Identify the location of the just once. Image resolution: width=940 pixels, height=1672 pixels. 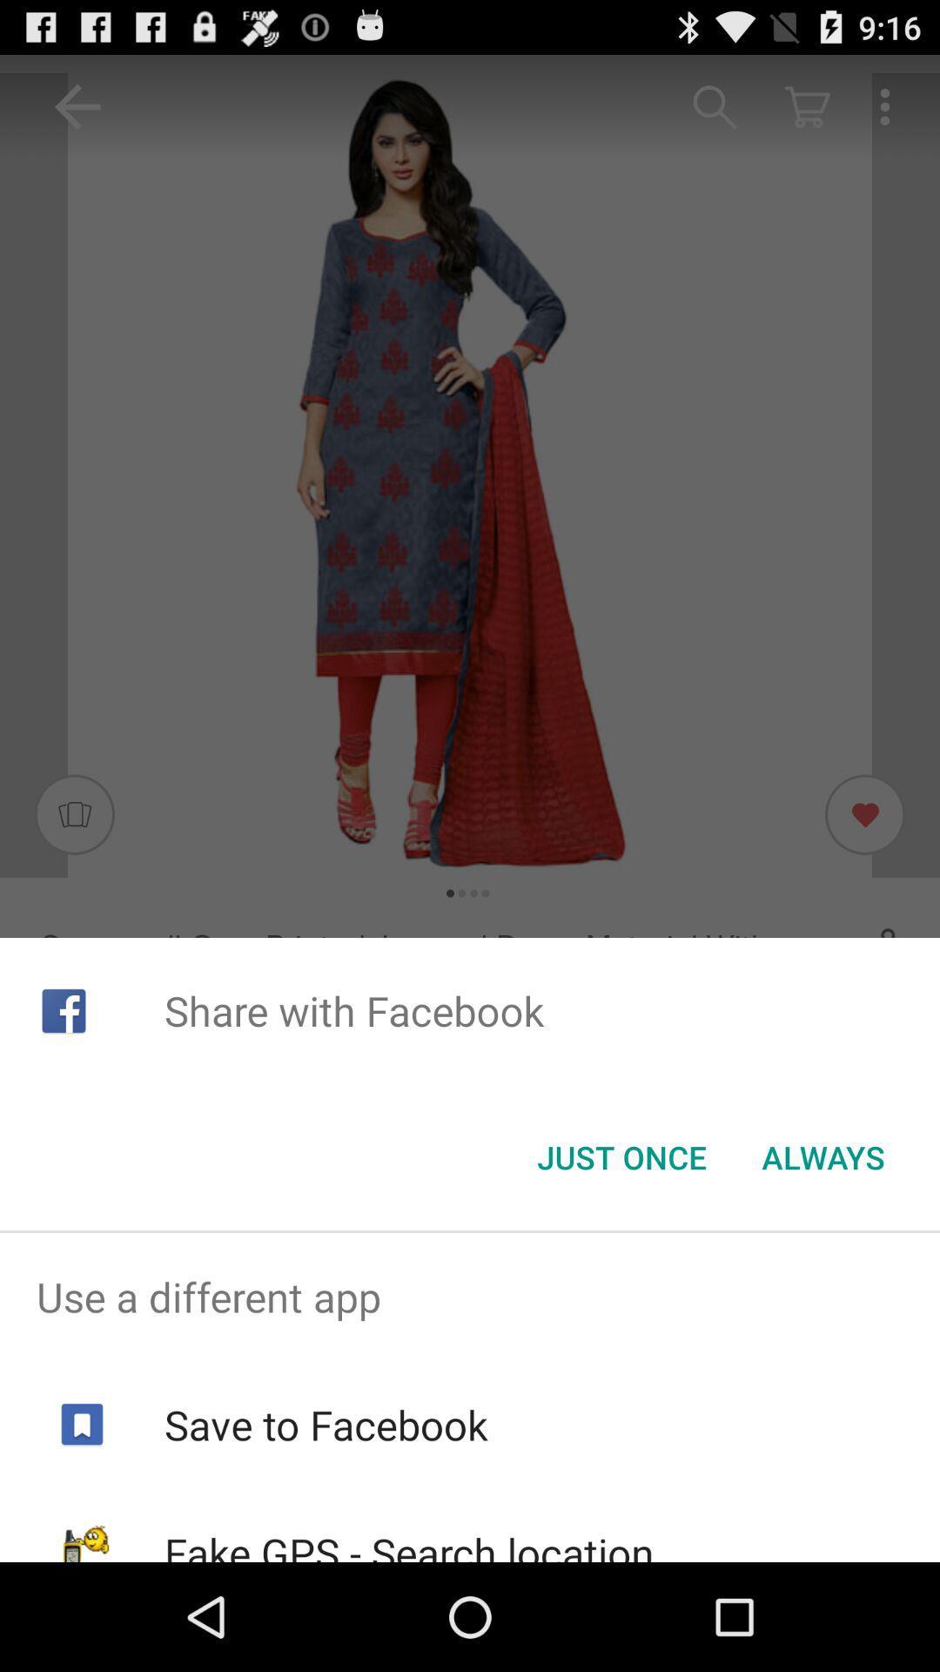
(621, 1157).